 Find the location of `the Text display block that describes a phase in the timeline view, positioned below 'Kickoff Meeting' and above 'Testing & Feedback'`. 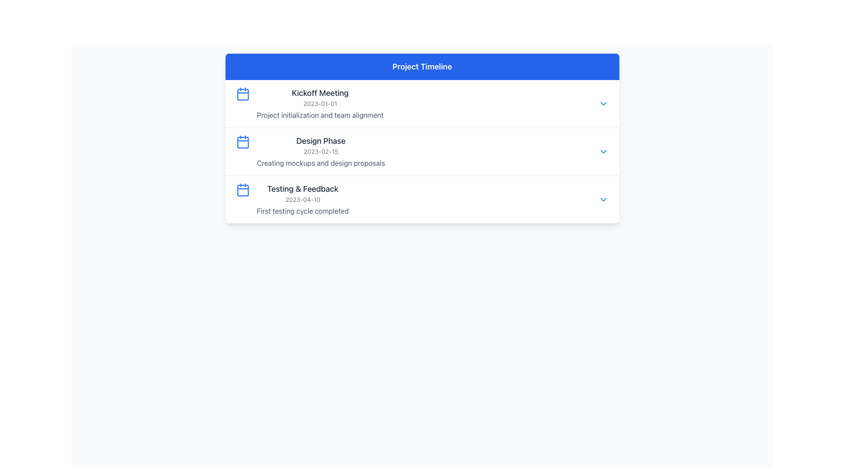

the Text display block that describes a phase in the timeline view, positioned below 'Kickoff Meeting' and above 'Testing & Feedback' is located at coordinates (320, 151).